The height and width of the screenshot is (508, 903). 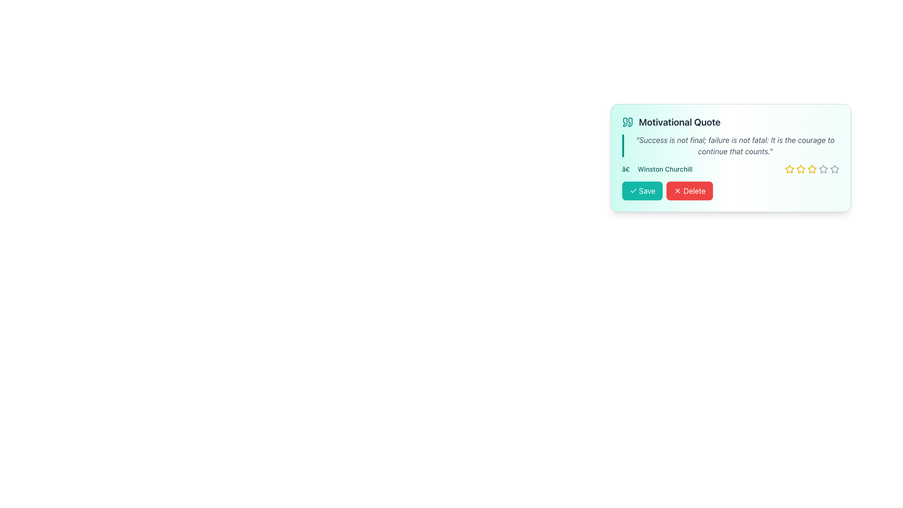 I want to click on the fourth star icon in the rating system, so click(x=811, y=168).